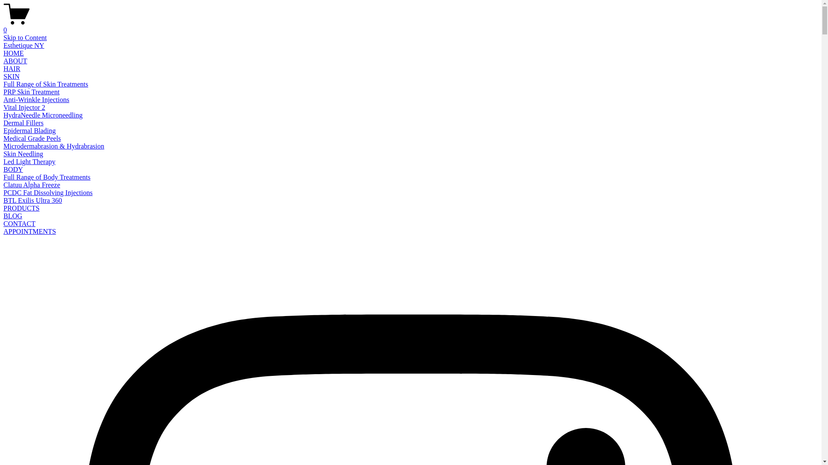  What do you see at coordinates (3, 76) in the screenshot?
I see `'SKIN'` at bounding box center [3, 76].